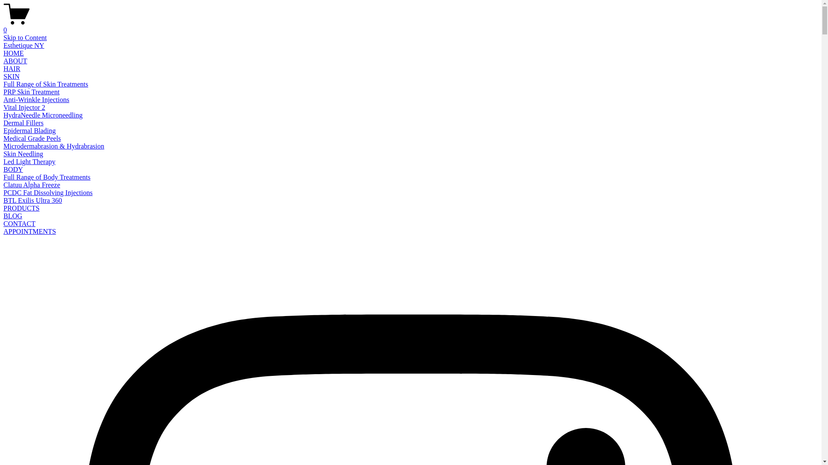  What do you see at coordinates (3, 76) in the screenshot?
I see `'SKIN'` at bounding box center [3, 76].